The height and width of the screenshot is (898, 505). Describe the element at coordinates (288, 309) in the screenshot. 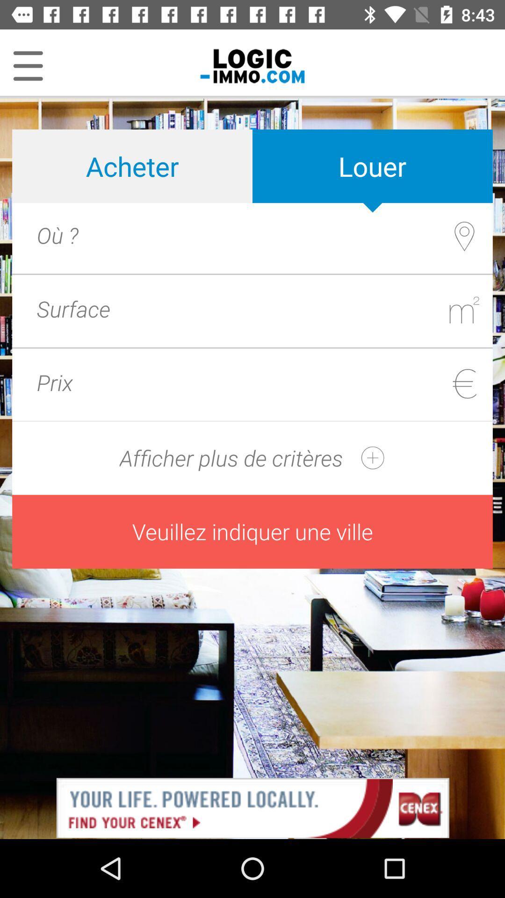

I see `text area` at that location.